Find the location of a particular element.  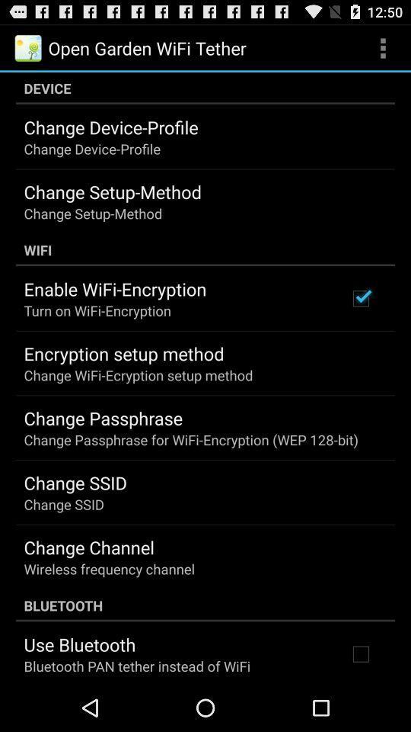

bluetooth pan tether app is located at coordinates (137, 665).